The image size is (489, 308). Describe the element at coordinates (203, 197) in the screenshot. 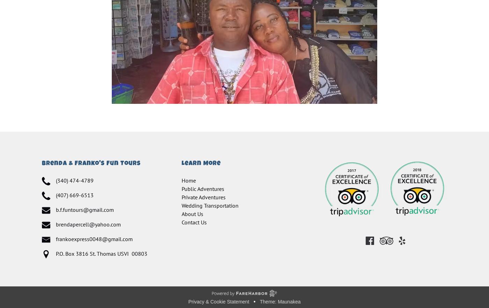

I see `'Private Adventures'` at that location.